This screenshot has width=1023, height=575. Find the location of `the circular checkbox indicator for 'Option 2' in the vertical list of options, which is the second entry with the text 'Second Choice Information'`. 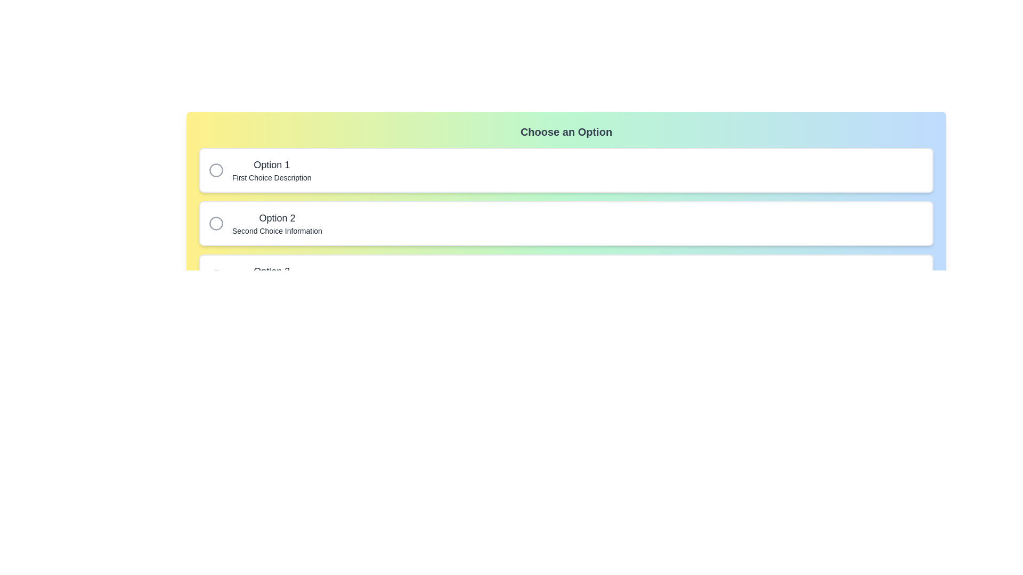

the circular checkbox indicator for 'Option 2' in the vertical list of options, which is the second entry with the text 'Second Choice Information' is located at coordinates (216, 223).